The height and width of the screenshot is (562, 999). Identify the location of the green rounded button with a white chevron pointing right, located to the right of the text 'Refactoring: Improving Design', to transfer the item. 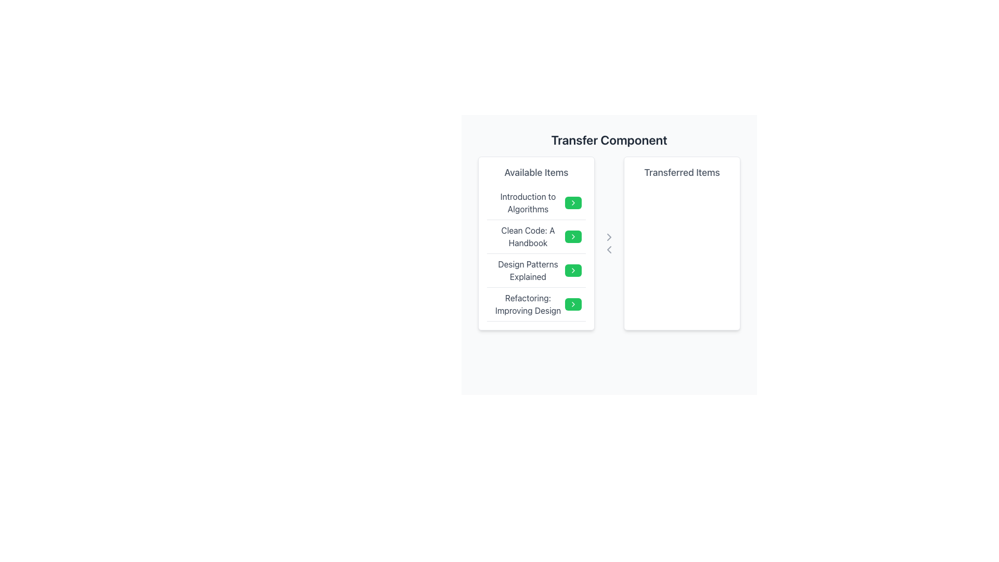
(573, 304).